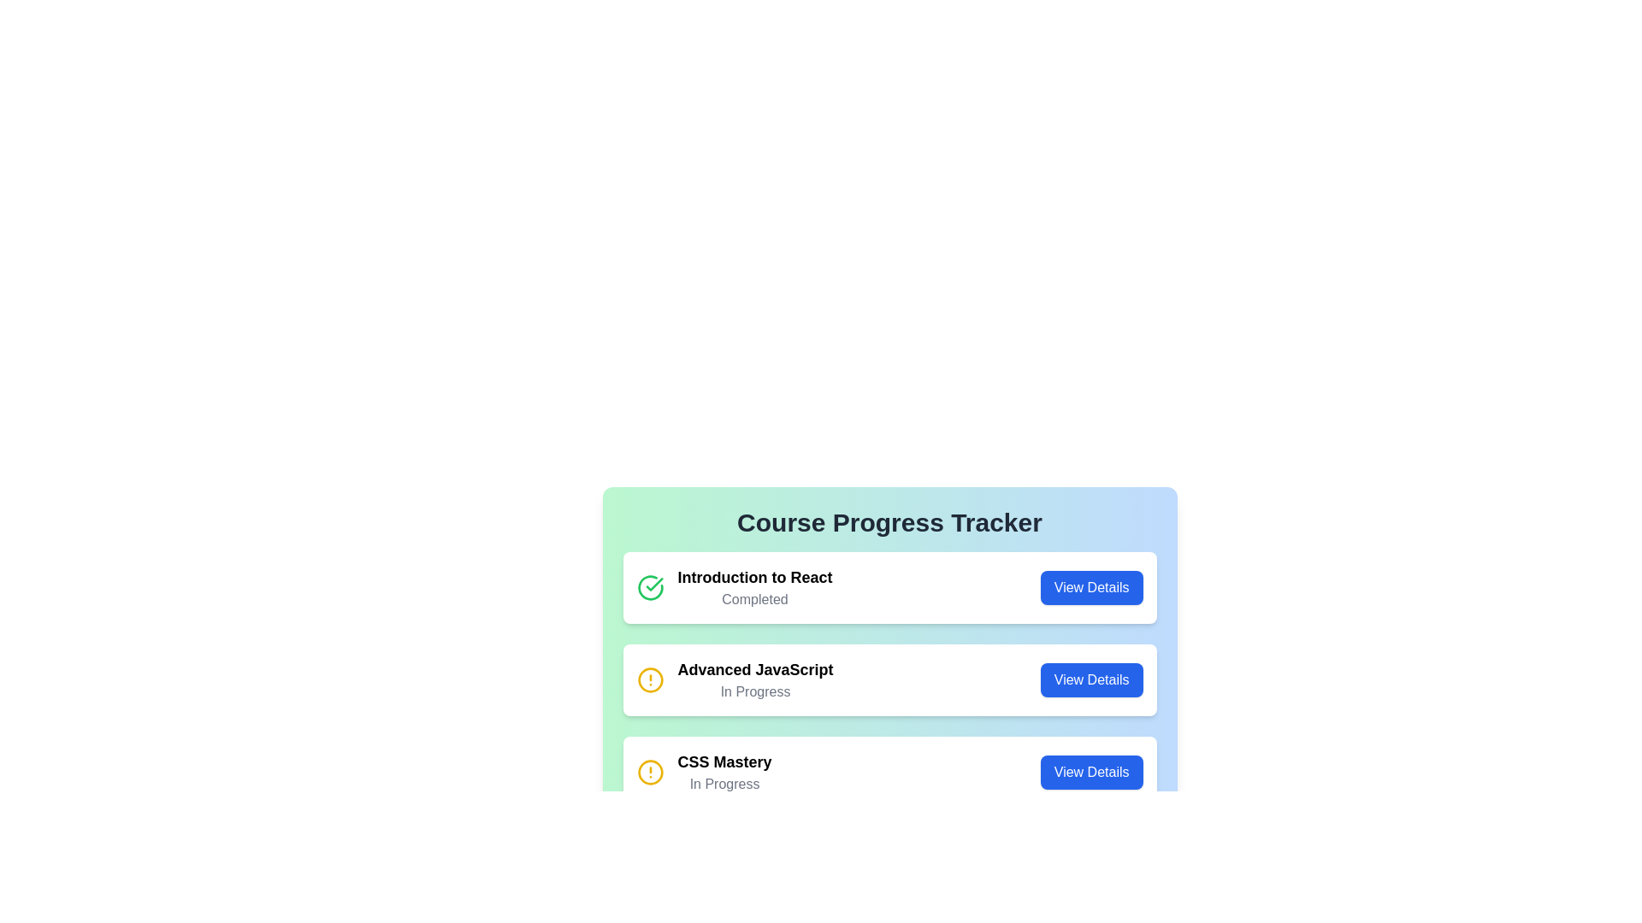 Image resolution: width=1642 pixels, height=923 pixels. Describe the element at coordinates (704, 772) in the screenshot. I see `text in the informational section displaying 'CSS Mastery' and 'In Progress', which is identified by the yellow alert icon on the left` at that location.